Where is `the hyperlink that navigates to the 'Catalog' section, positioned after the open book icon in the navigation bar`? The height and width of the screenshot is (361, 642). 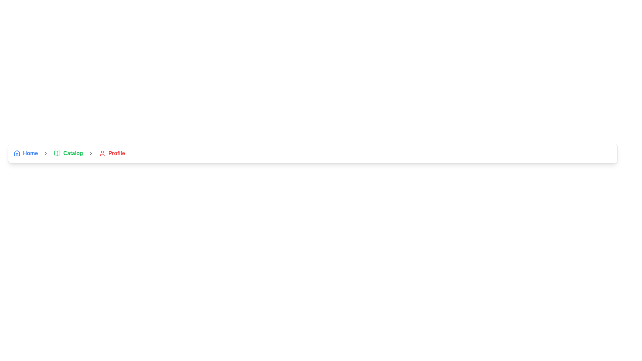 the hyperlink that navigates to the 'Catalog' section, positioned after the open book icon in the navigation bar is located at coordinates (73, 153).